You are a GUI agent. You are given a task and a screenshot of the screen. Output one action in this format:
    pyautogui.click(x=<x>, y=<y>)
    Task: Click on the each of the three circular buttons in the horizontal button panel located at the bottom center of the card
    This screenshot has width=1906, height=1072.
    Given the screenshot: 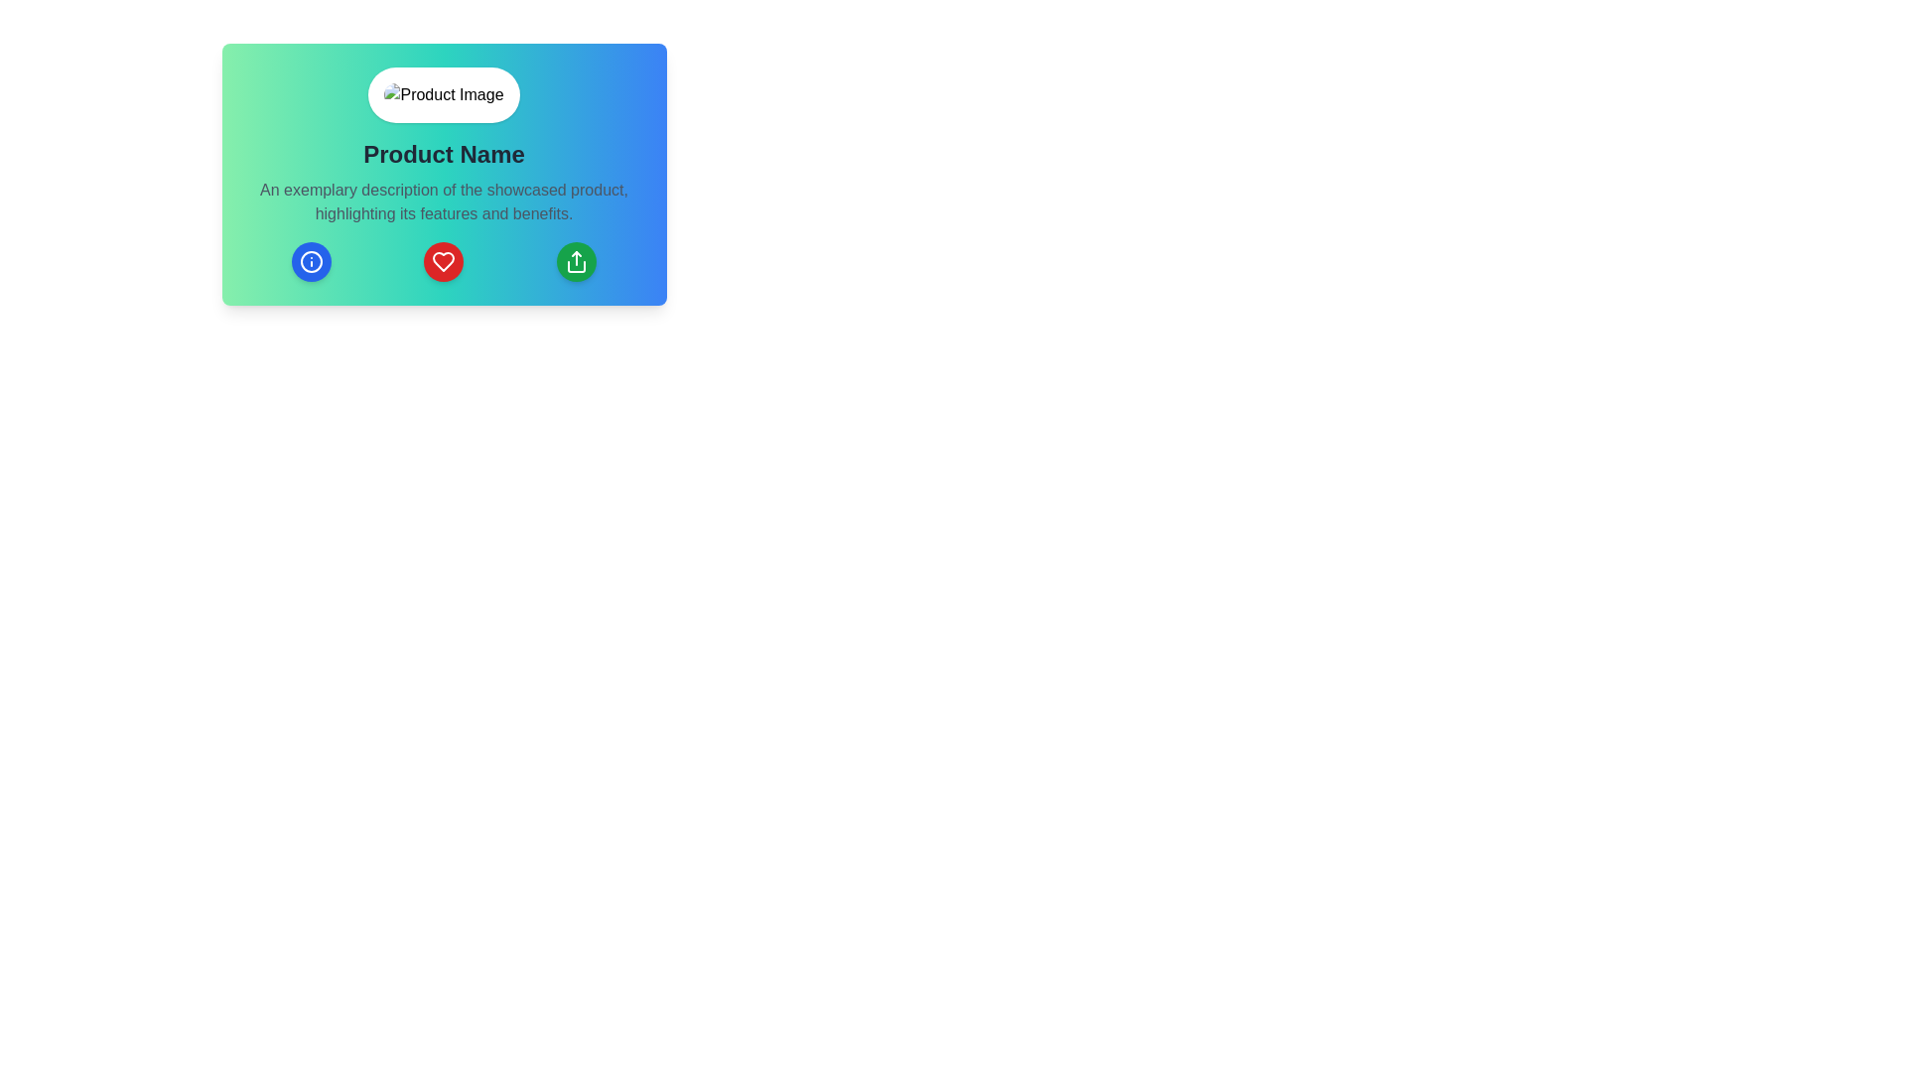 What is the action you would take?
    pyautogui.click(x=443, y=260)
    